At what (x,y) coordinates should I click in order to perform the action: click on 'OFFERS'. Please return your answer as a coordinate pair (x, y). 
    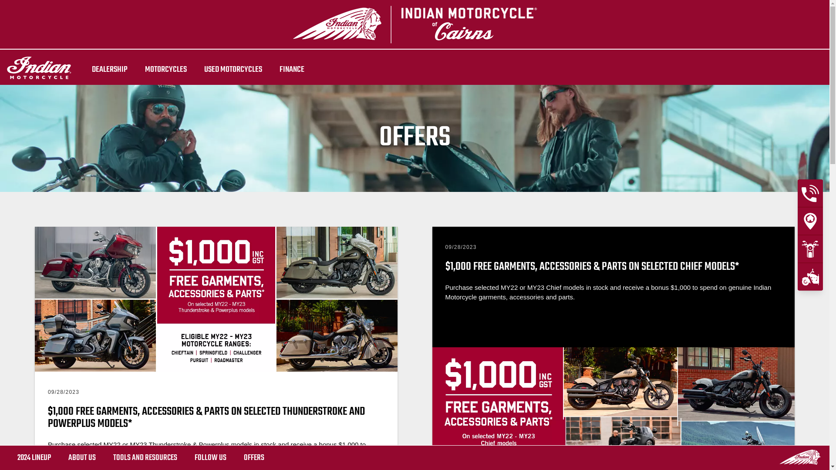
    Looking at the image, I should click on (253, 457).